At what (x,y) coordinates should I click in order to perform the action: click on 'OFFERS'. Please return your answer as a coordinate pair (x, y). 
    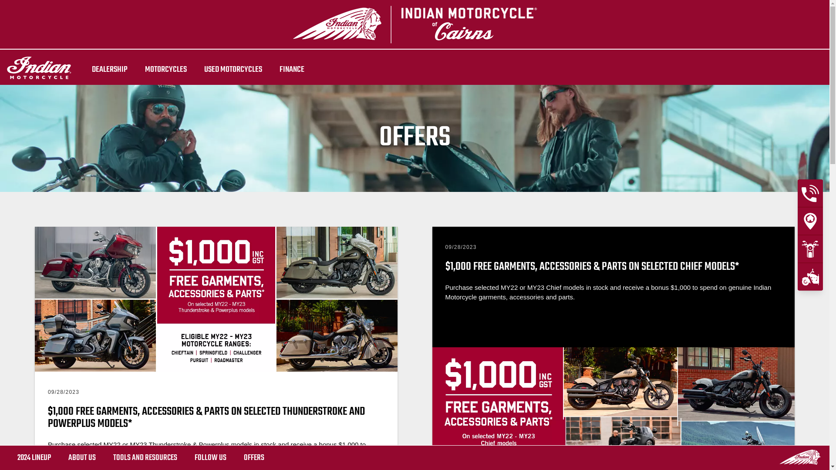
    Looking at the image, I should click on (253, 457).